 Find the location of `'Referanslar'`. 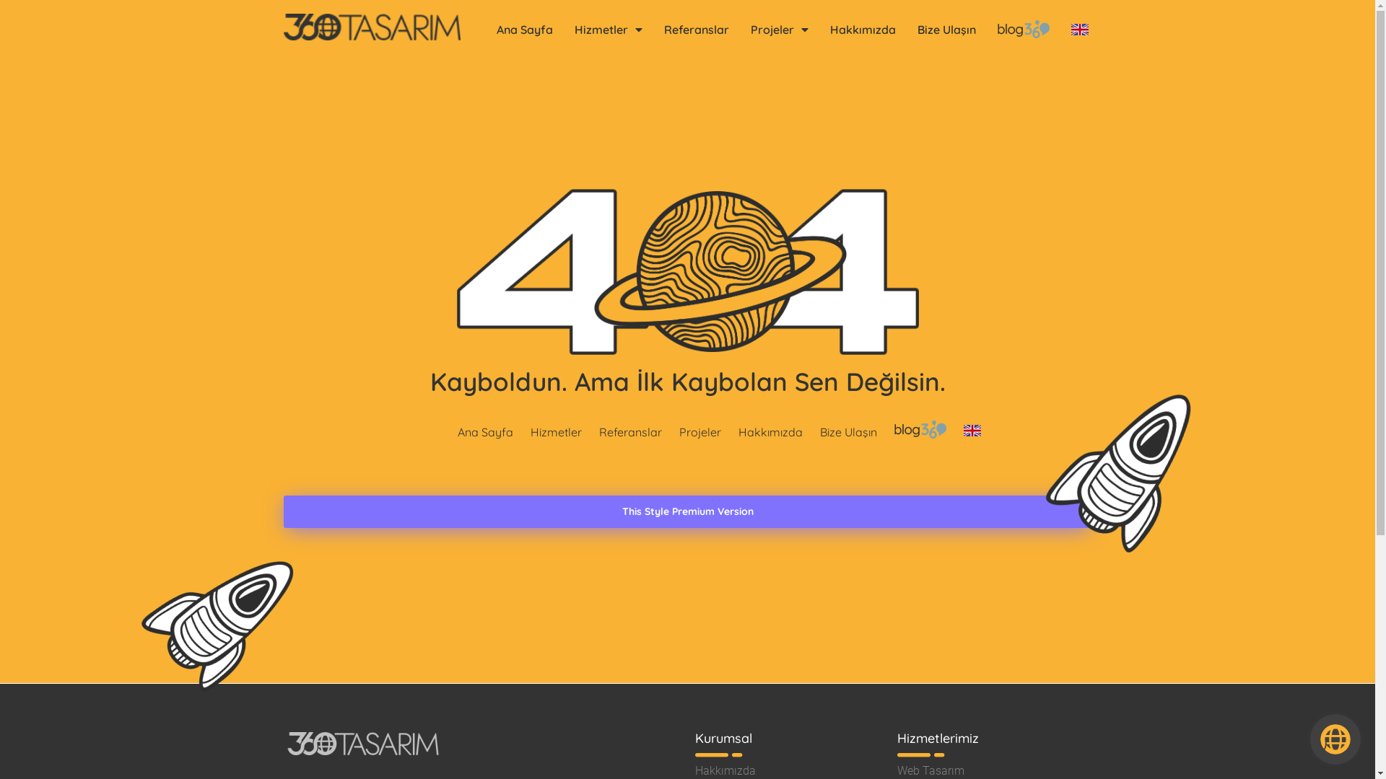

'Referanslar' is located at coordinates (696, 29).